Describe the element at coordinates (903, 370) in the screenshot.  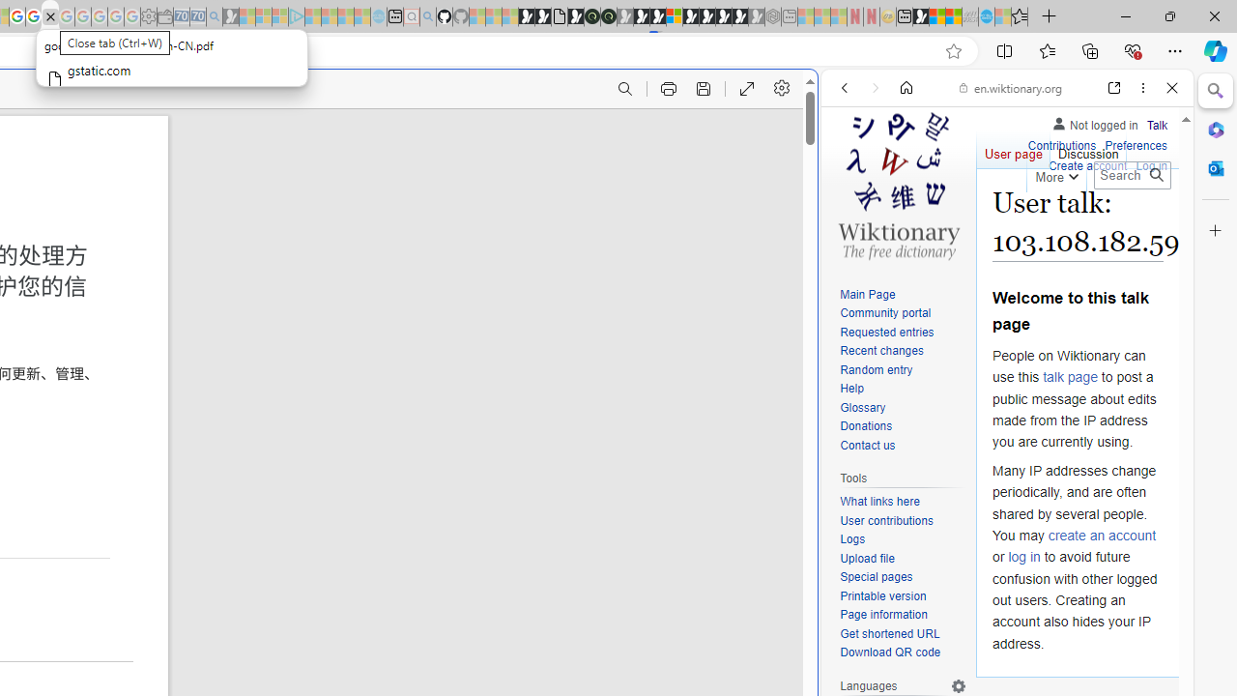
I see `'Random entry'` at that location.